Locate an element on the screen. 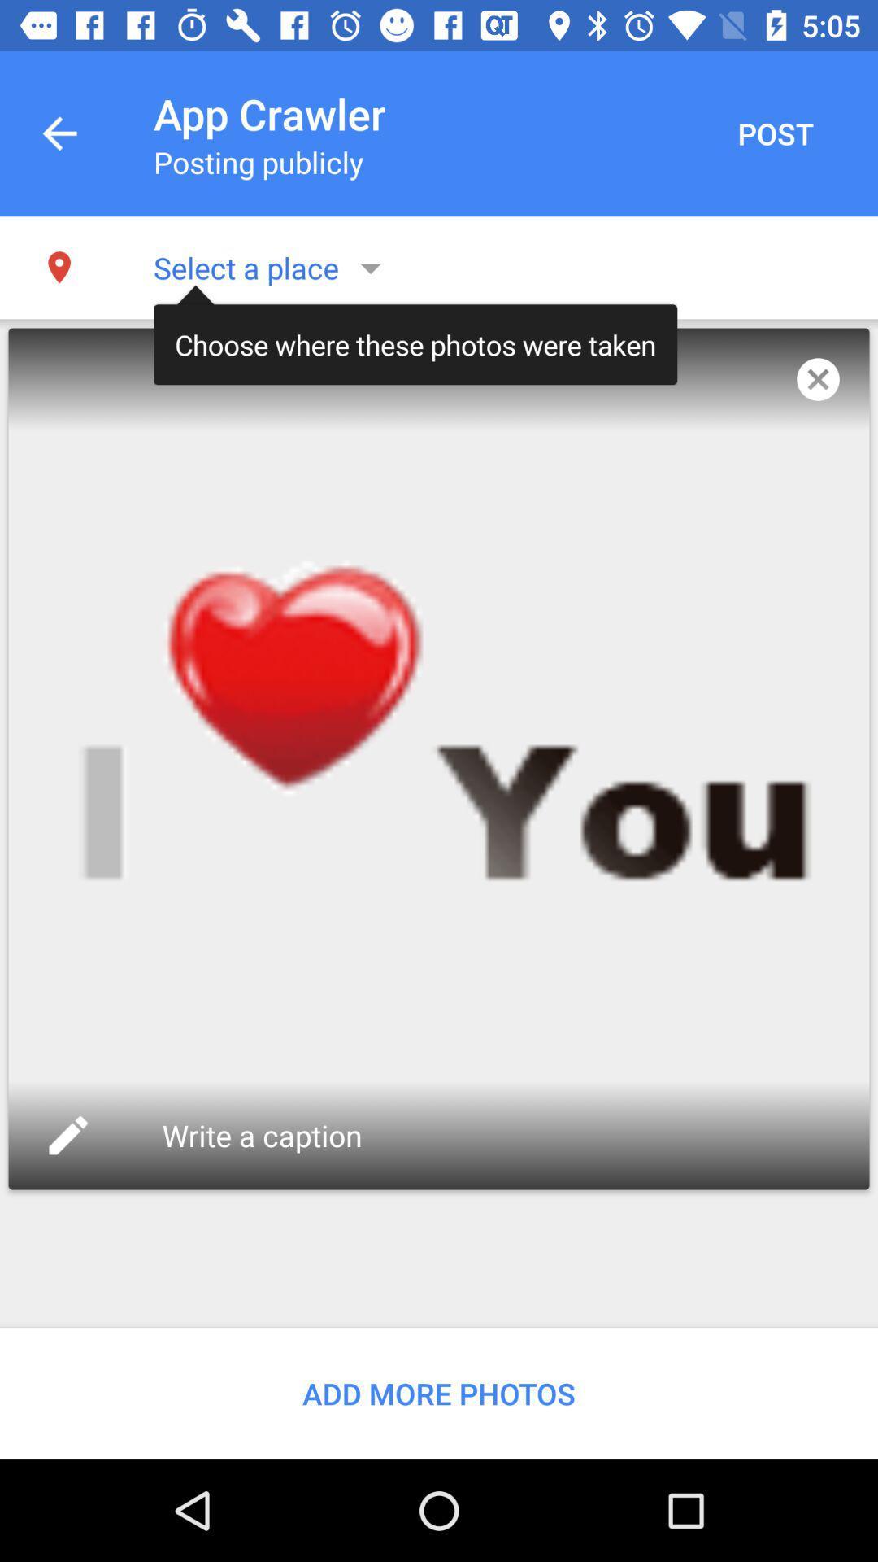  write a caption is located at coordinates (265, 1135).